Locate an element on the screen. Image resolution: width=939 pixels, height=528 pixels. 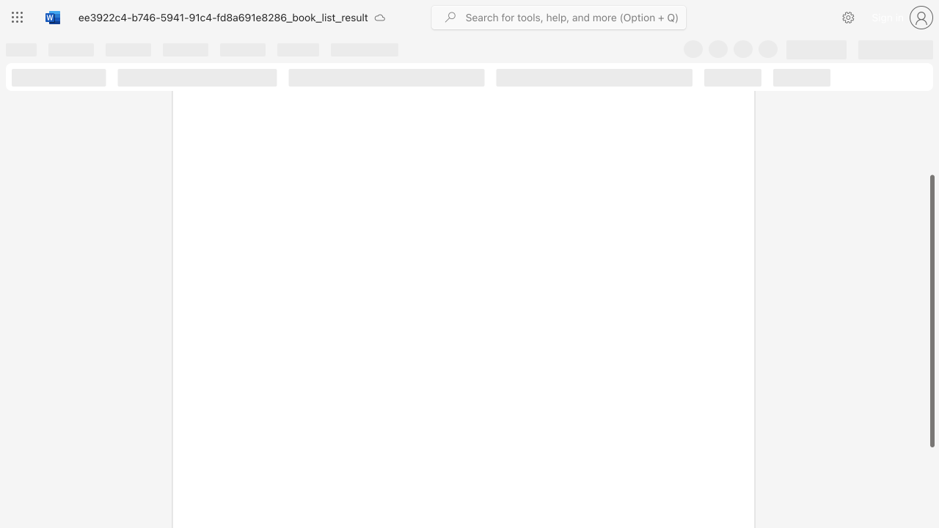
the scrollbar on the right side to scroll the page up is located at coordinates (931, 101).